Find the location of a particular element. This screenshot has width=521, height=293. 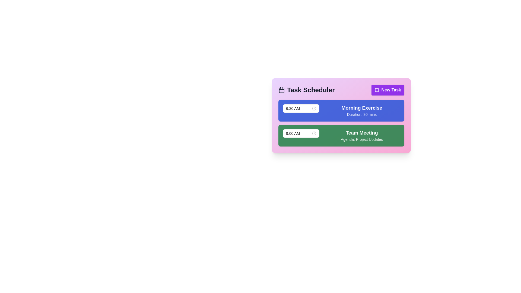

the small purple square icon with rounded corners, which is located at the right end of the 'New Task' button in the task scheduler interface is located at coordinates (377, 90).